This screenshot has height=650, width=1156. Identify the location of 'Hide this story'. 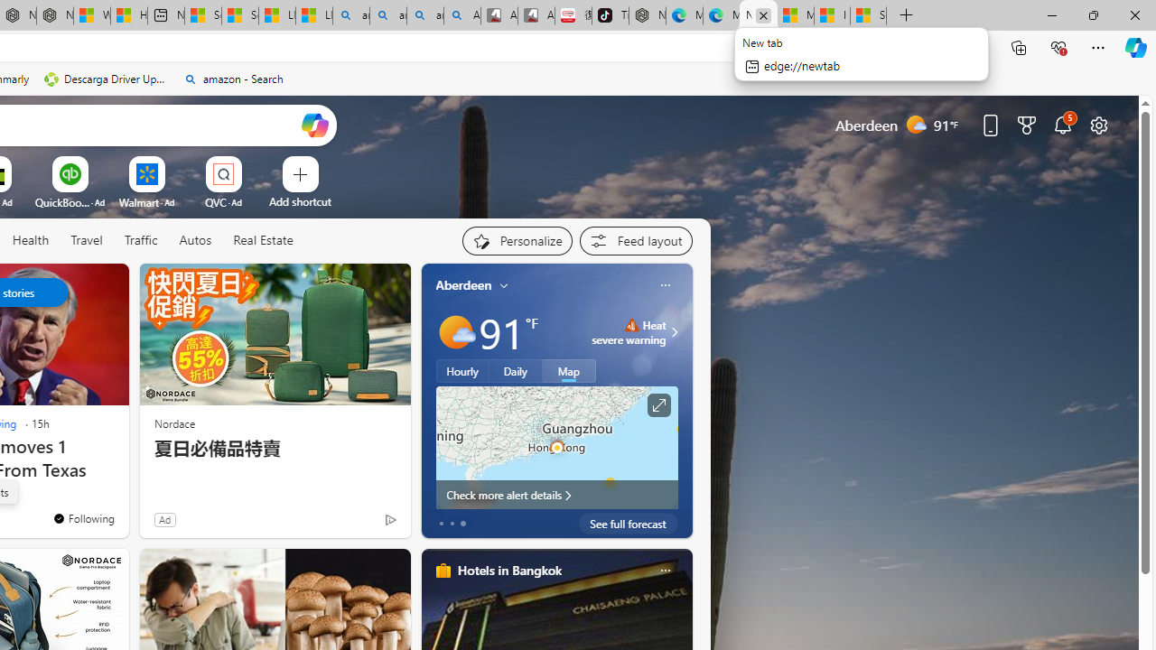
(73, 284).